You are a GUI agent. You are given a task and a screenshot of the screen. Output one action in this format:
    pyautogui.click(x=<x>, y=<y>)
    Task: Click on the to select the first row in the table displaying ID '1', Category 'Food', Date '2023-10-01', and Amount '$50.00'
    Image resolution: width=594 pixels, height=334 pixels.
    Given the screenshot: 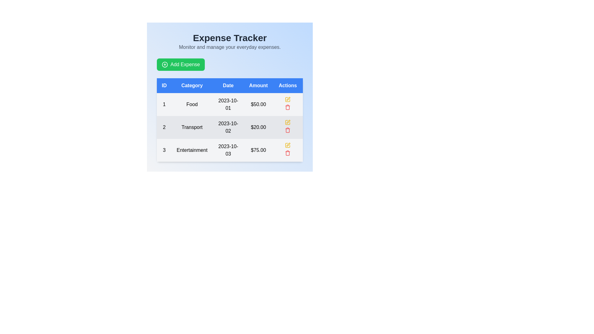 What is the action you would take?
    pyautogui.click(x=230, y=104)
    